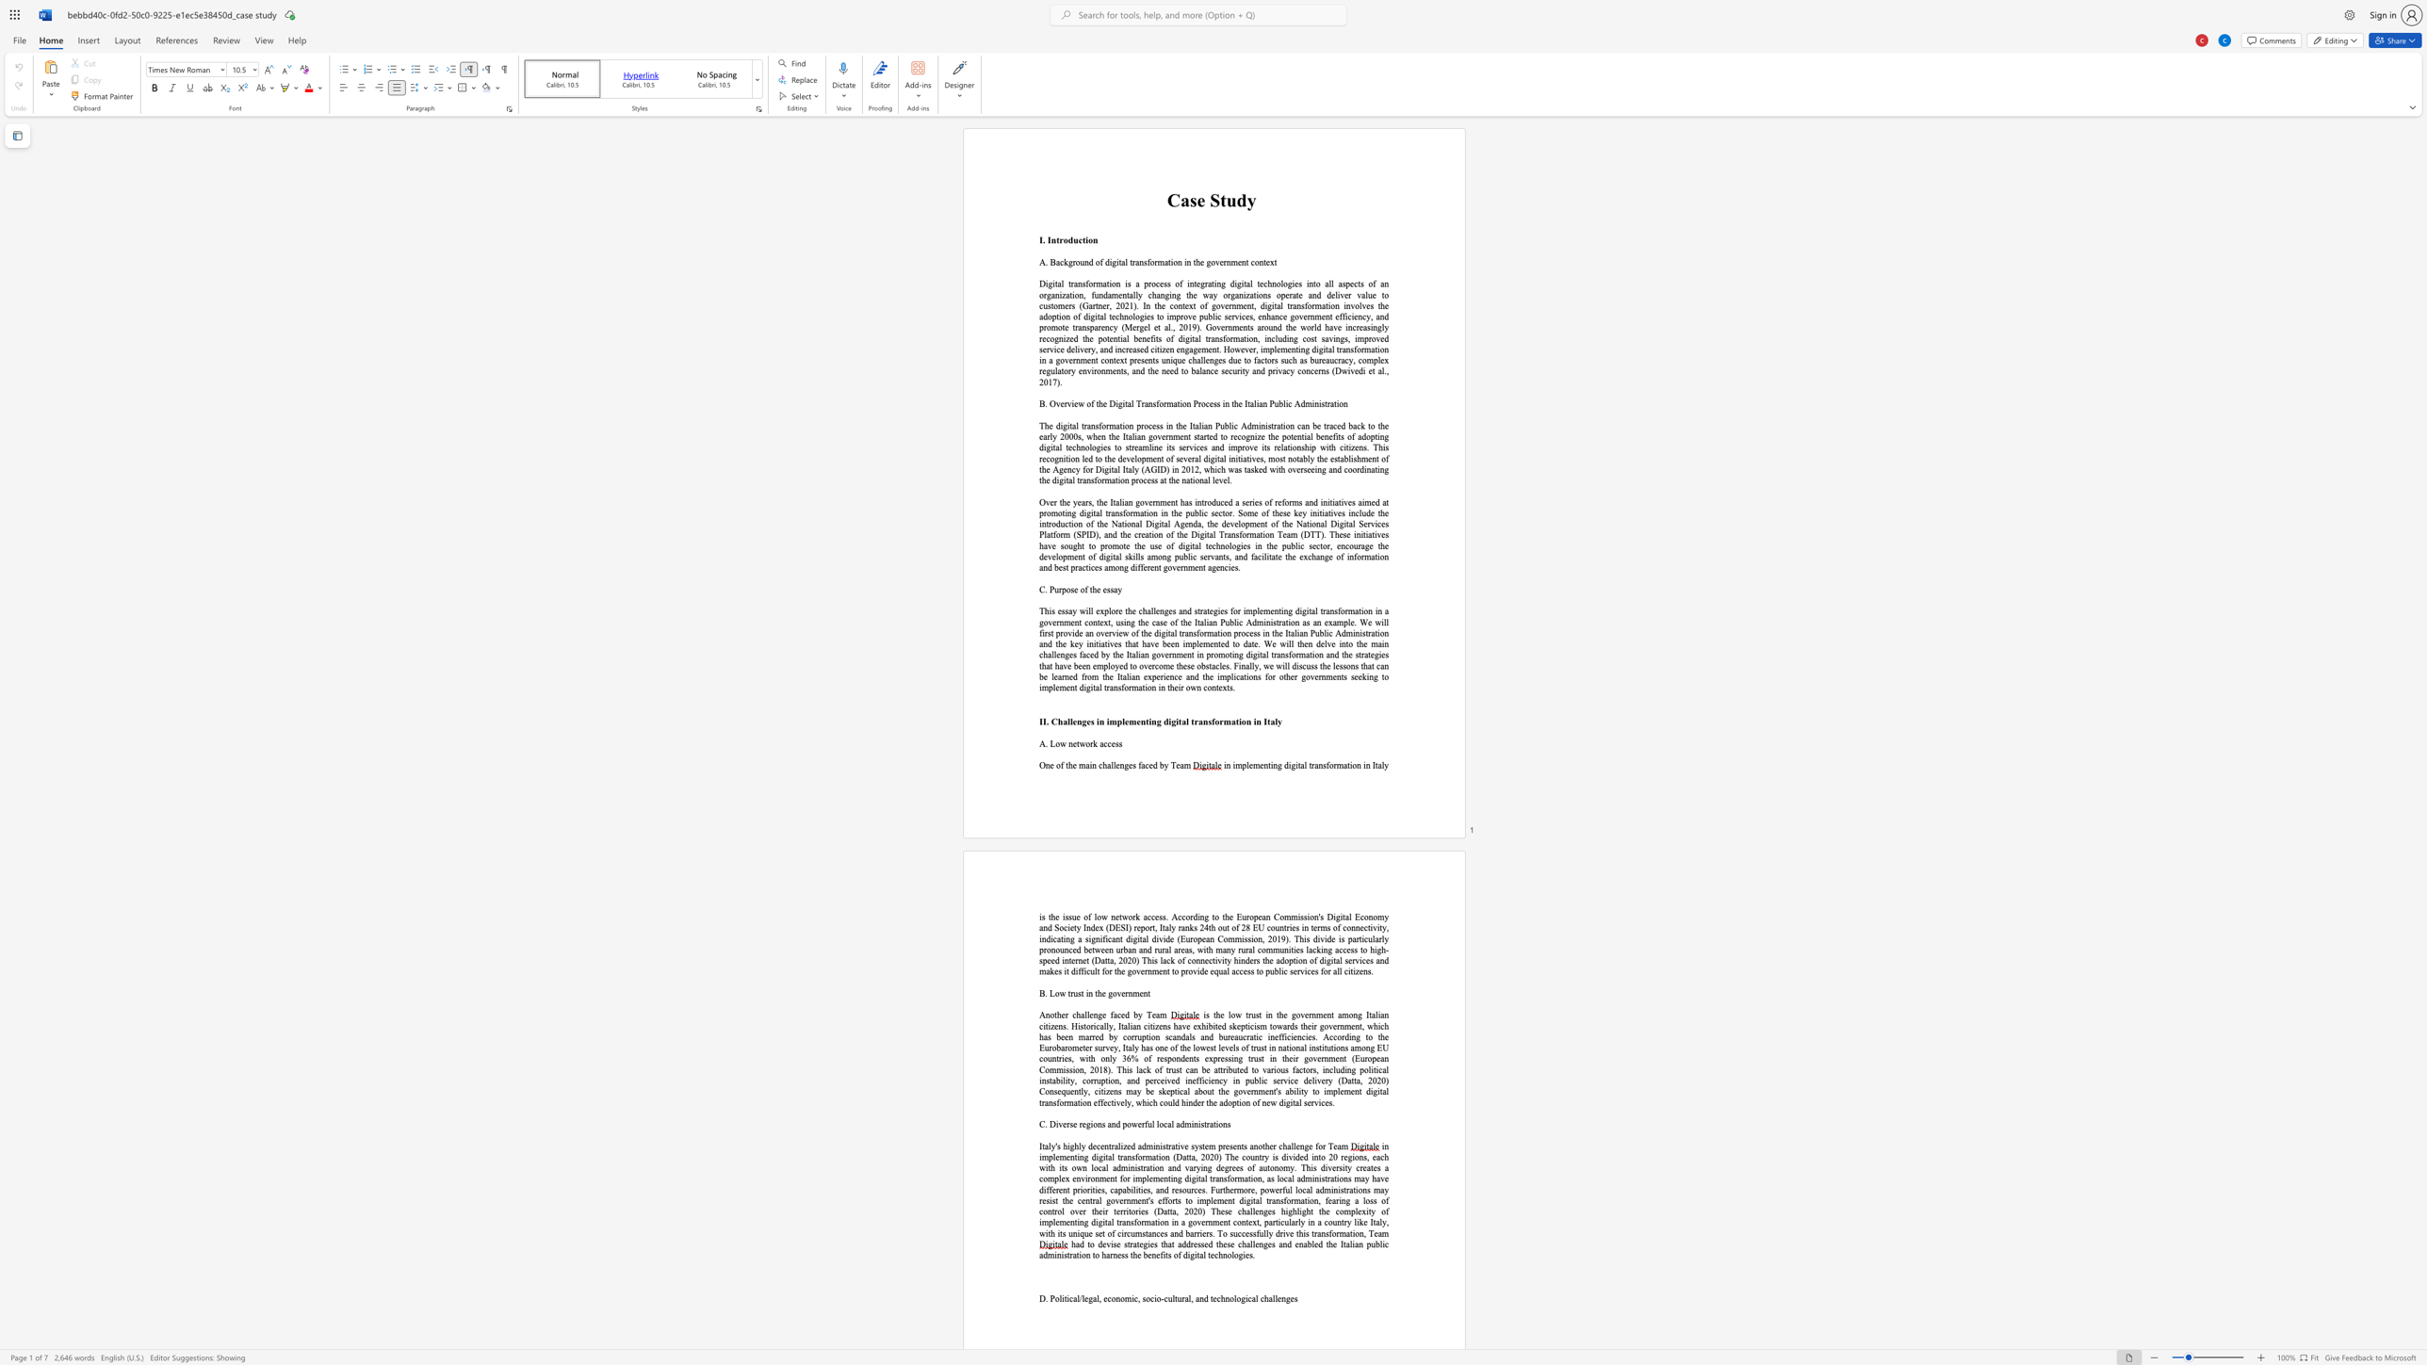 The height and width of the screenshot is (1365, 2427). Describe the element at coordinates (1222, 545) in the screenshot. I see `the 1th character "n" in the text` at that location.